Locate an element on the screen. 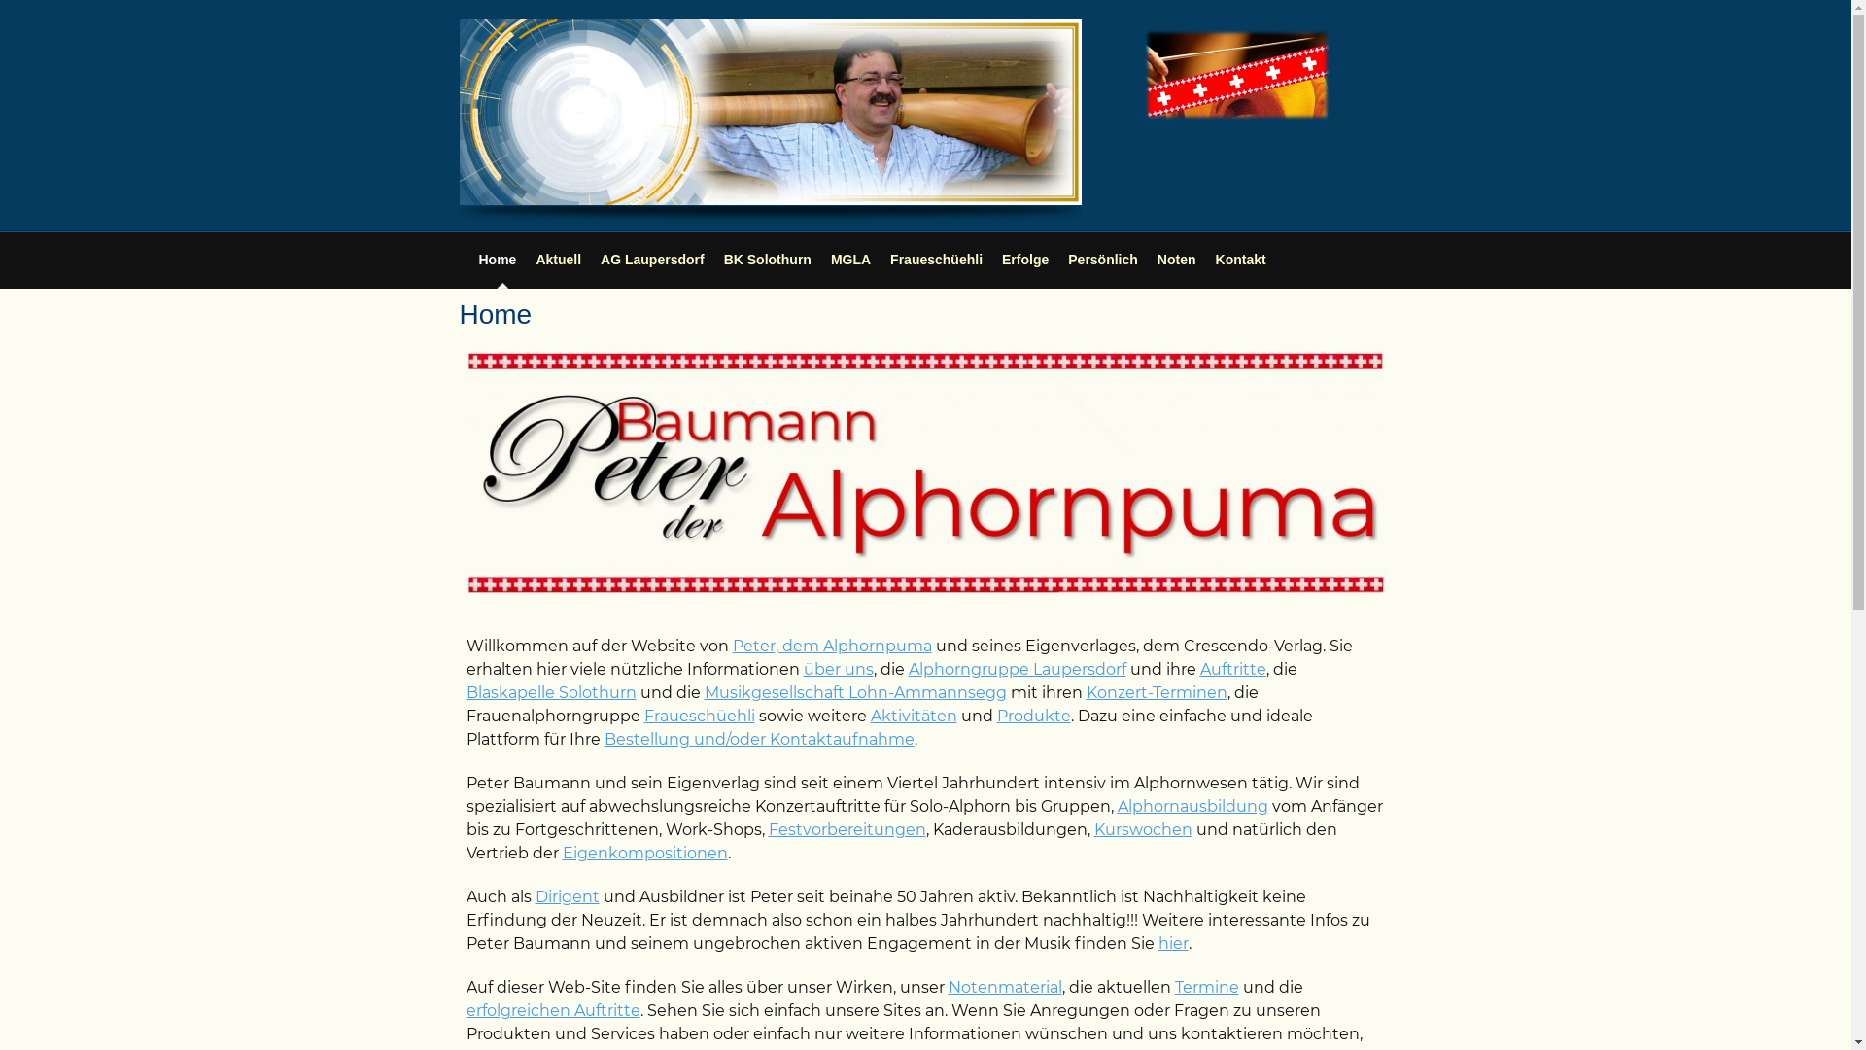  'MGLA' is located at coordinates (850, 258).